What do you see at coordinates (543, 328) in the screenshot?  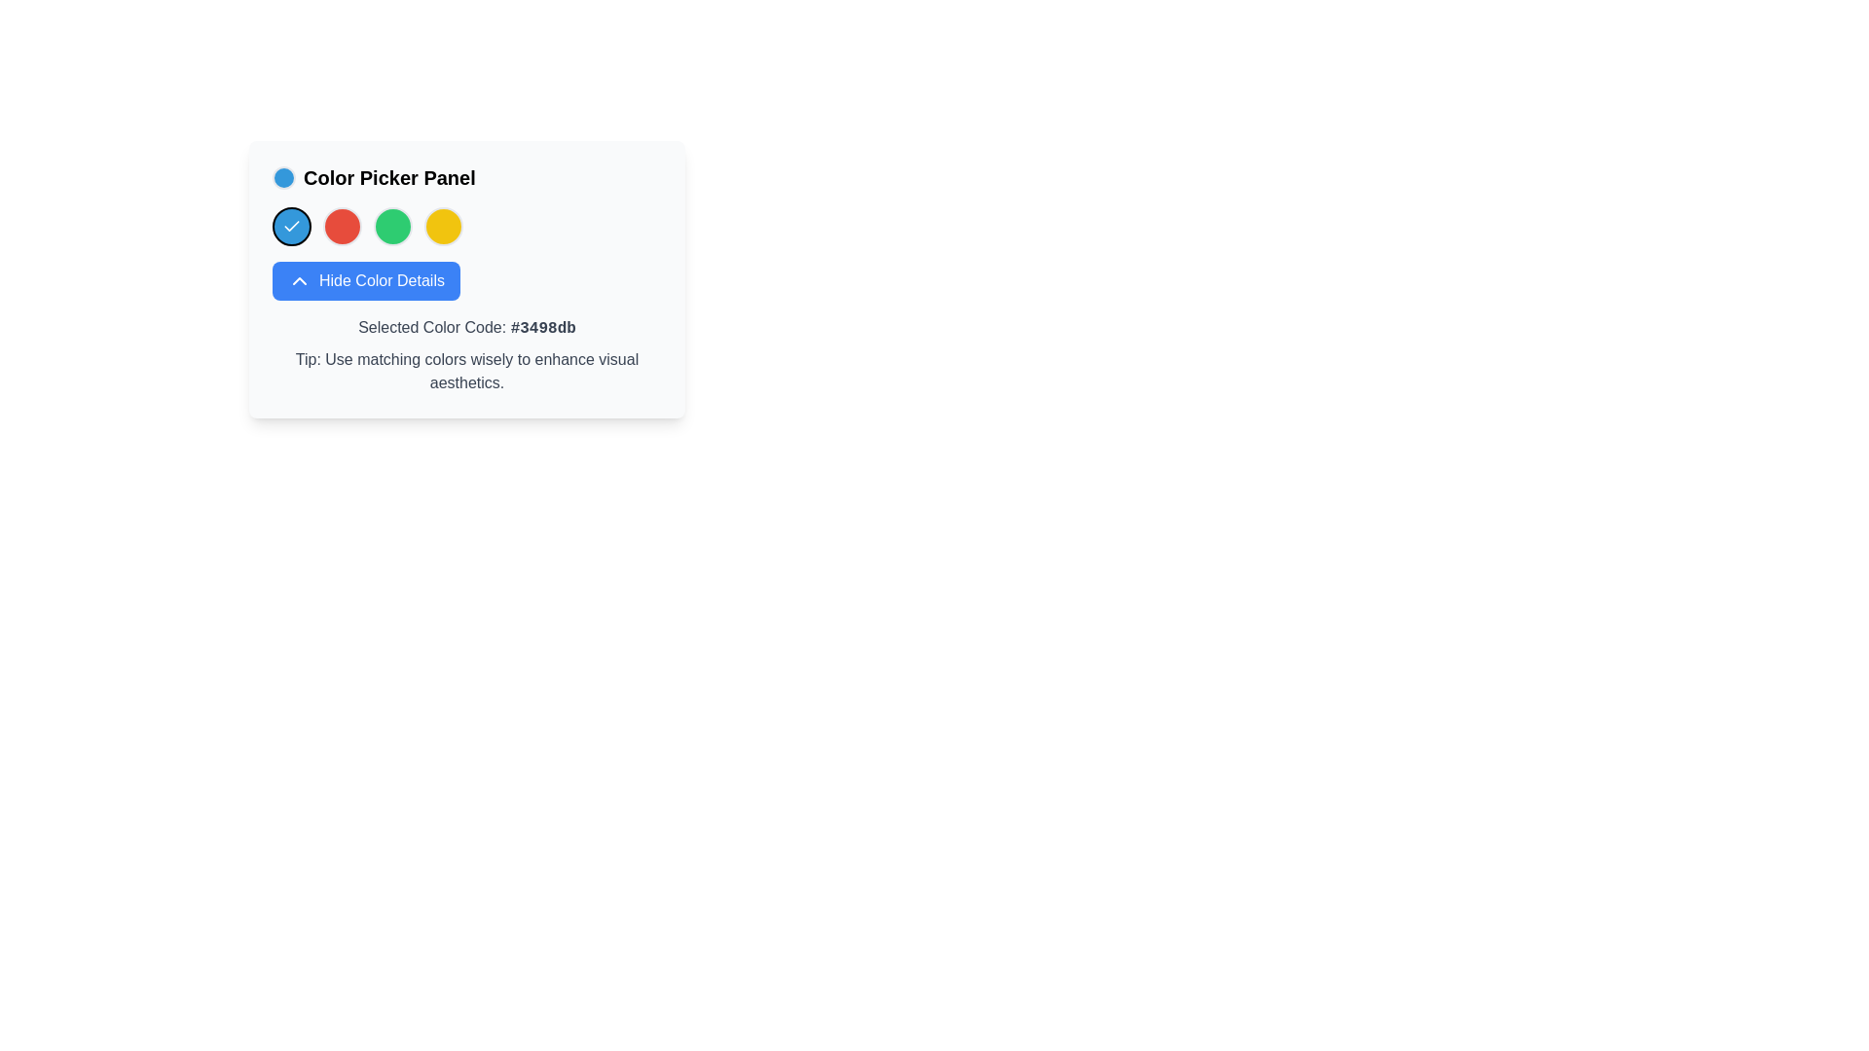 I see `the static text element displaying the hexadecimal color code '#3498db', which is styled in a monospaced bold font and is part of the 'Selected Color Code' label` at bounding box center [543, 328].